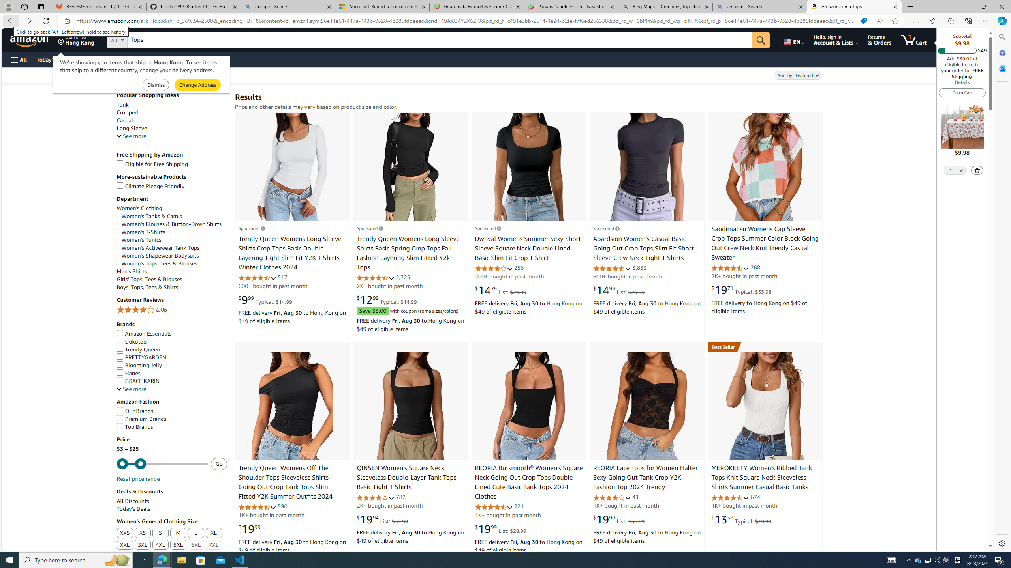 The height and width of the screenshot is (568, 1011). I want to click on '6XL', so click(196, 545).